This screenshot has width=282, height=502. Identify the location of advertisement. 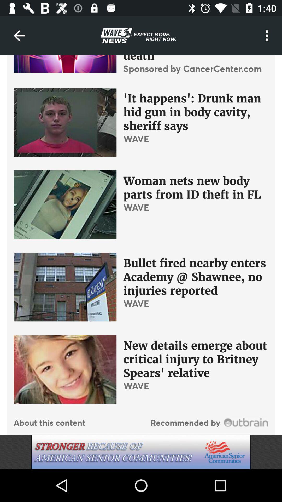
(141, 452).